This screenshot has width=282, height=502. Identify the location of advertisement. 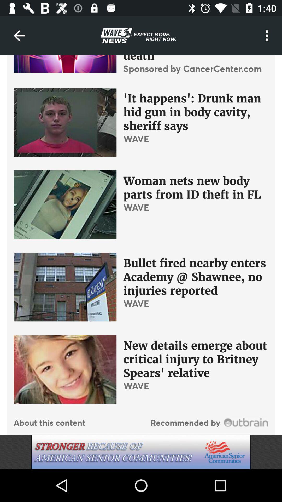
(141, 452).